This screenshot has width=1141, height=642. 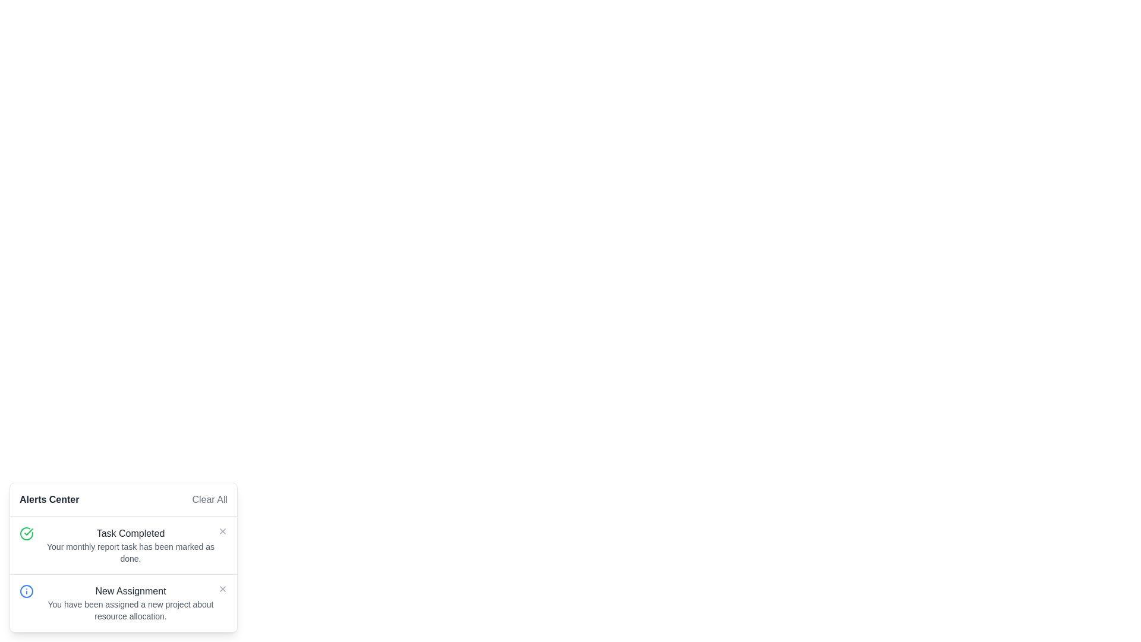 I want to click on the informational text label below the 'New Assignment' heading in the notification card located near the 'Alerts Center.', so click(x=131, y=610).